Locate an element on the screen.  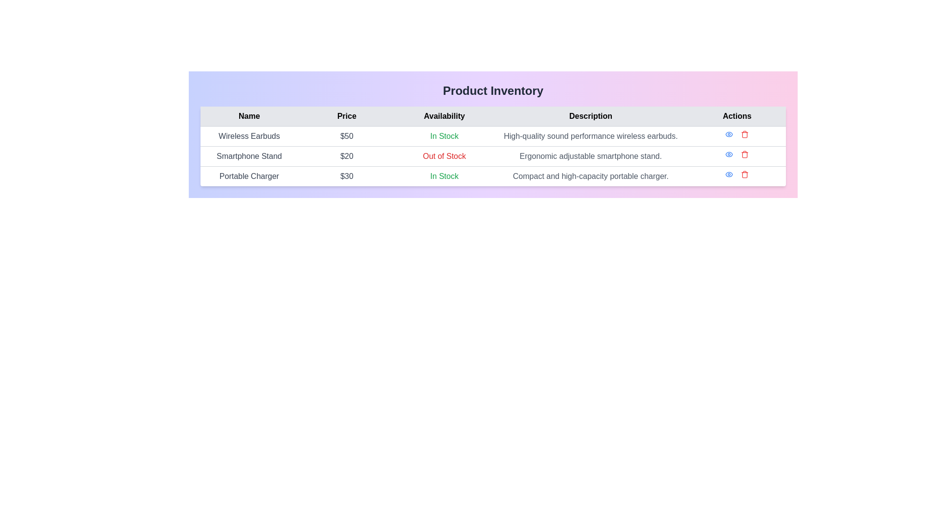
the 'Name' text label in the table header, which is the first header in a row of five with a light grey background and bold black font is located at coordinates (249, 116).